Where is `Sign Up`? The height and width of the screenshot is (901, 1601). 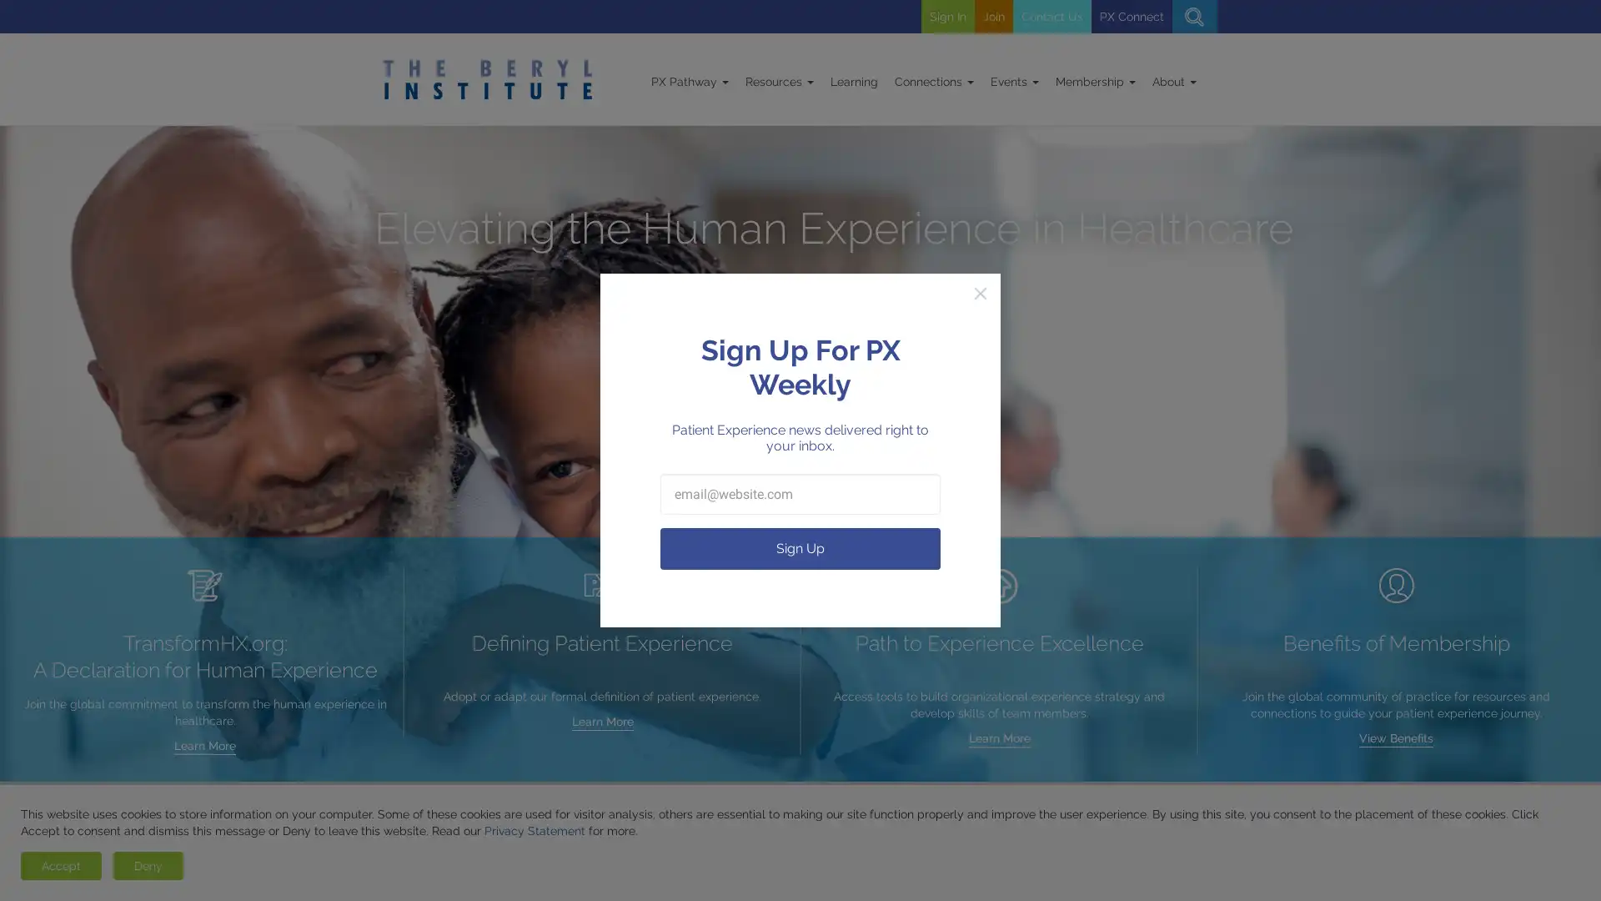 Sign Up is located at coordinates (800, 548).